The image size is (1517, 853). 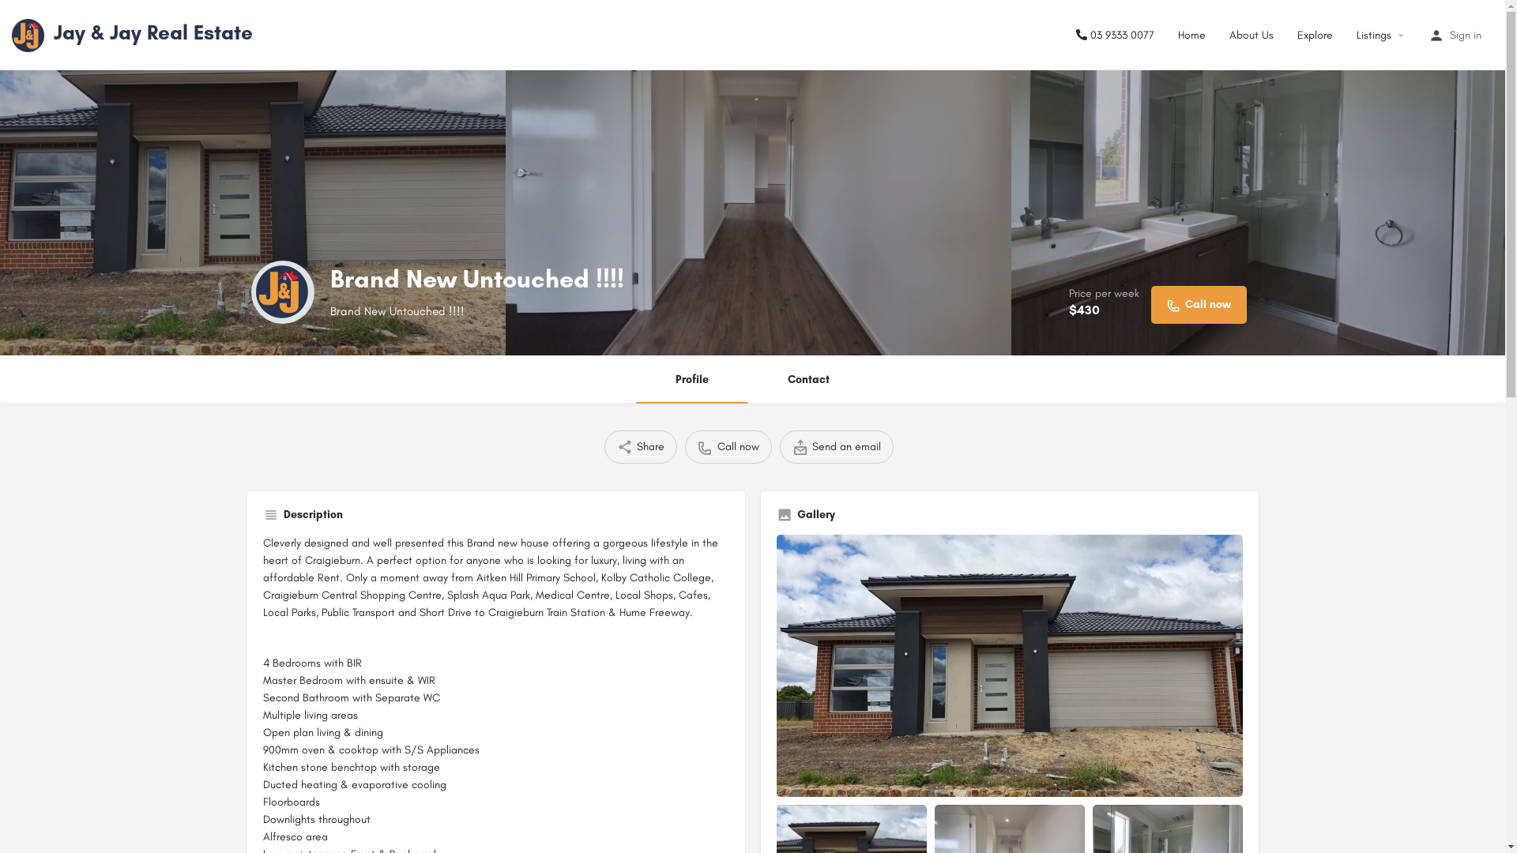 I want to click on 'Home', so click(x=1191, y=34).